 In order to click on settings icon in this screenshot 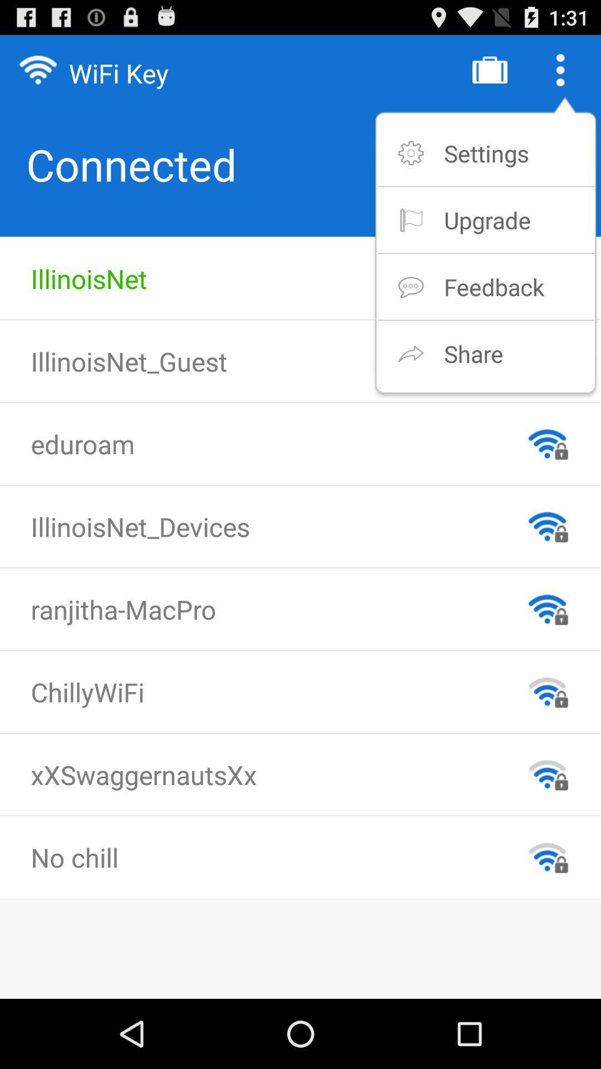, I will do `click(486, 153)`.